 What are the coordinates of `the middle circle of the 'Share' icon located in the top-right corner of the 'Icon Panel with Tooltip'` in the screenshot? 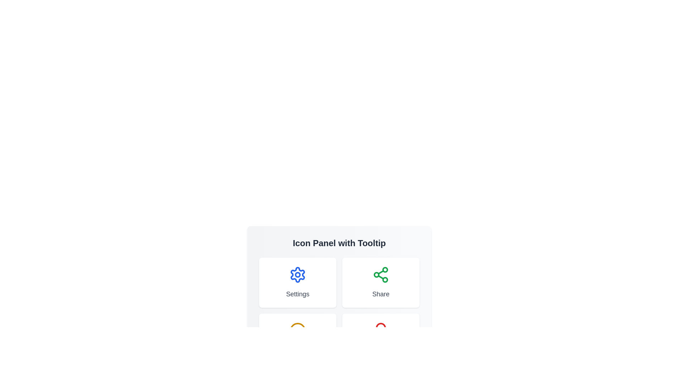 It's located at (376, 274).